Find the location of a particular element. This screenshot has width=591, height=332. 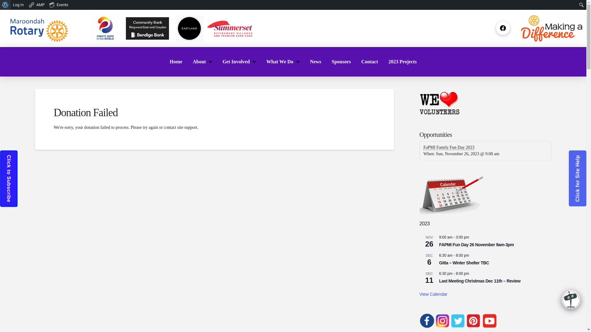

'FAPMI Fun Day 26 November 9am-3pm' is located at coordinates (439, 244).